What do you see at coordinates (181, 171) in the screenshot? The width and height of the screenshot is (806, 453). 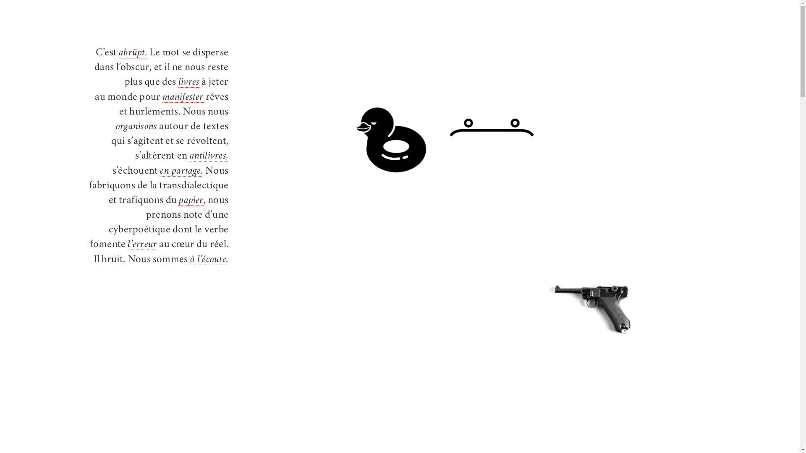 I see `'en partage.'` at bounding box center [181, 171].